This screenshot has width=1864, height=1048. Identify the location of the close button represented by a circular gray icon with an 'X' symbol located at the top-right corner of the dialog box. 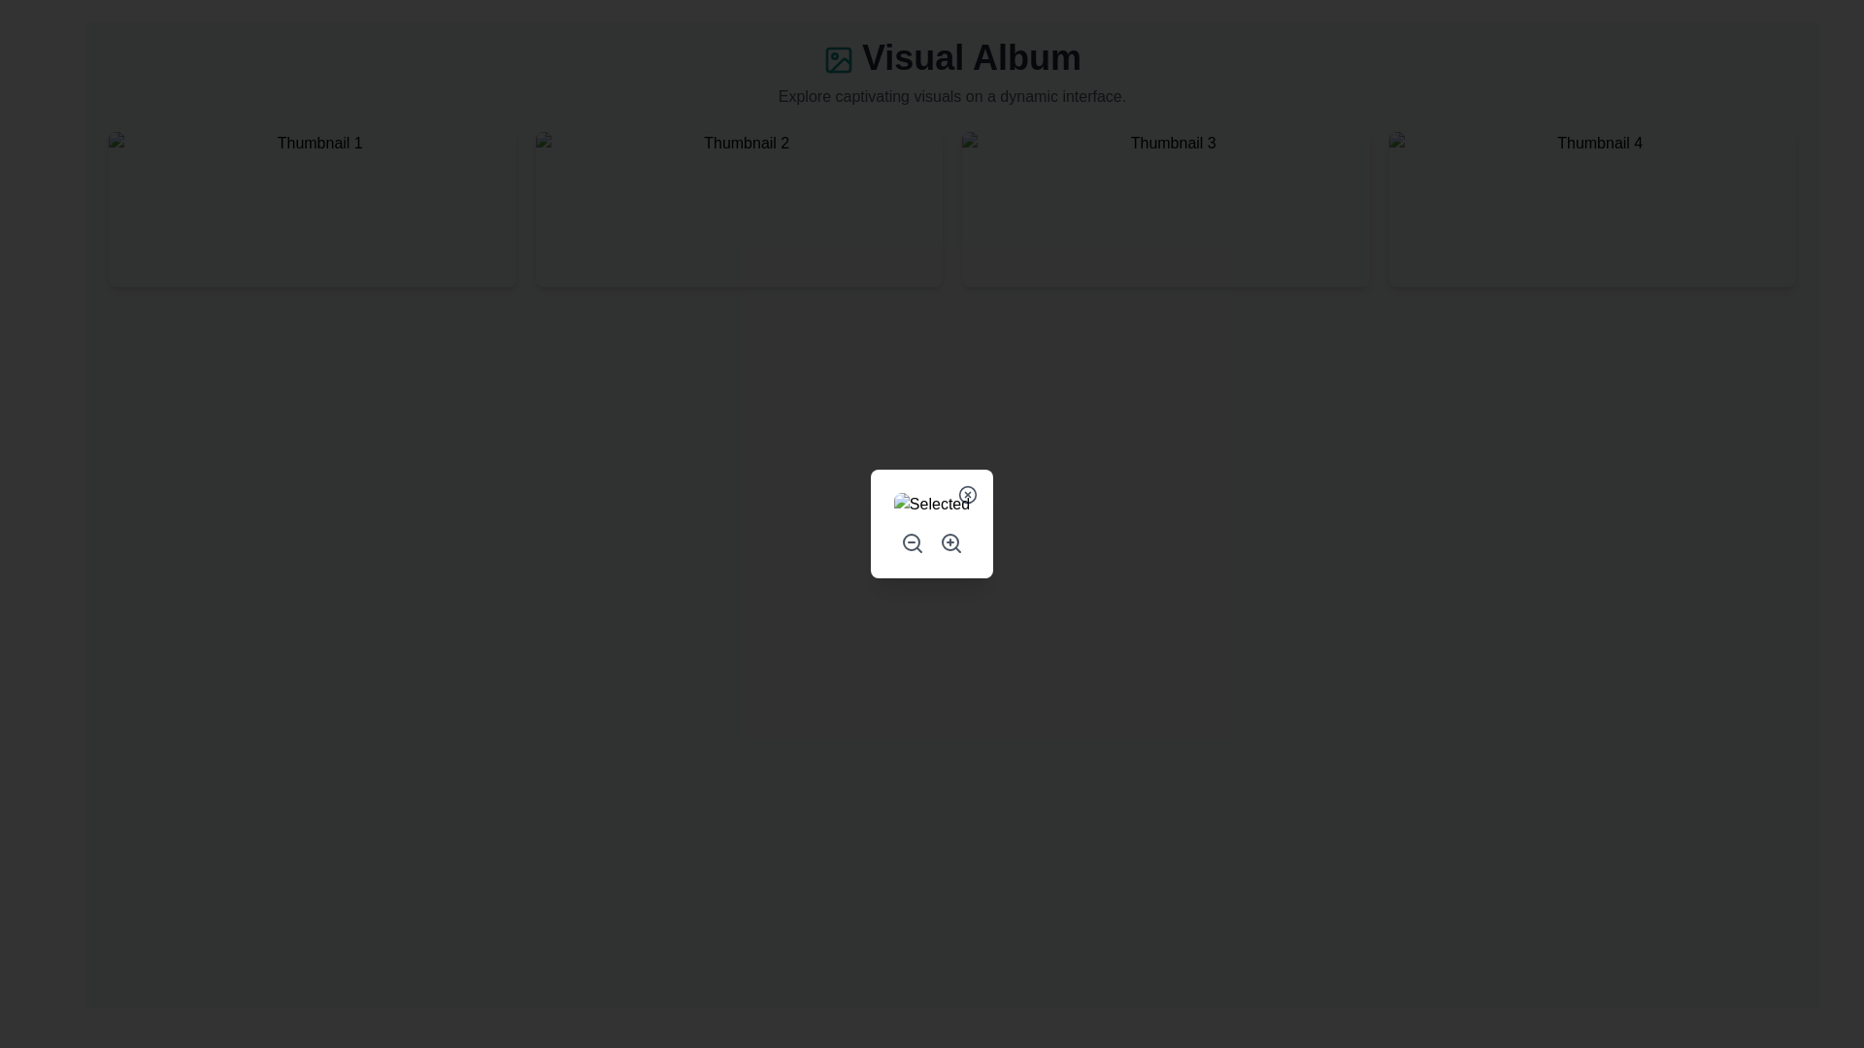
(968, 493).